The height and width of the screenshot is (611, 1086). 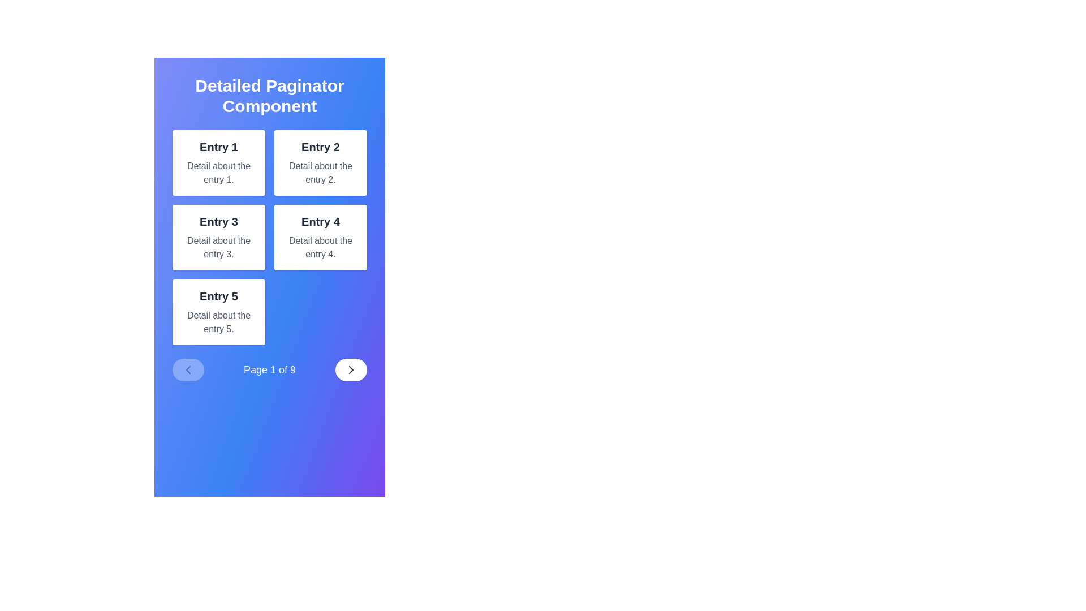 I want to click on the 'Next Page' button located at the bottom-right corner of the pagination navigation bar to activate hover effects, so click(x=350, y=370).